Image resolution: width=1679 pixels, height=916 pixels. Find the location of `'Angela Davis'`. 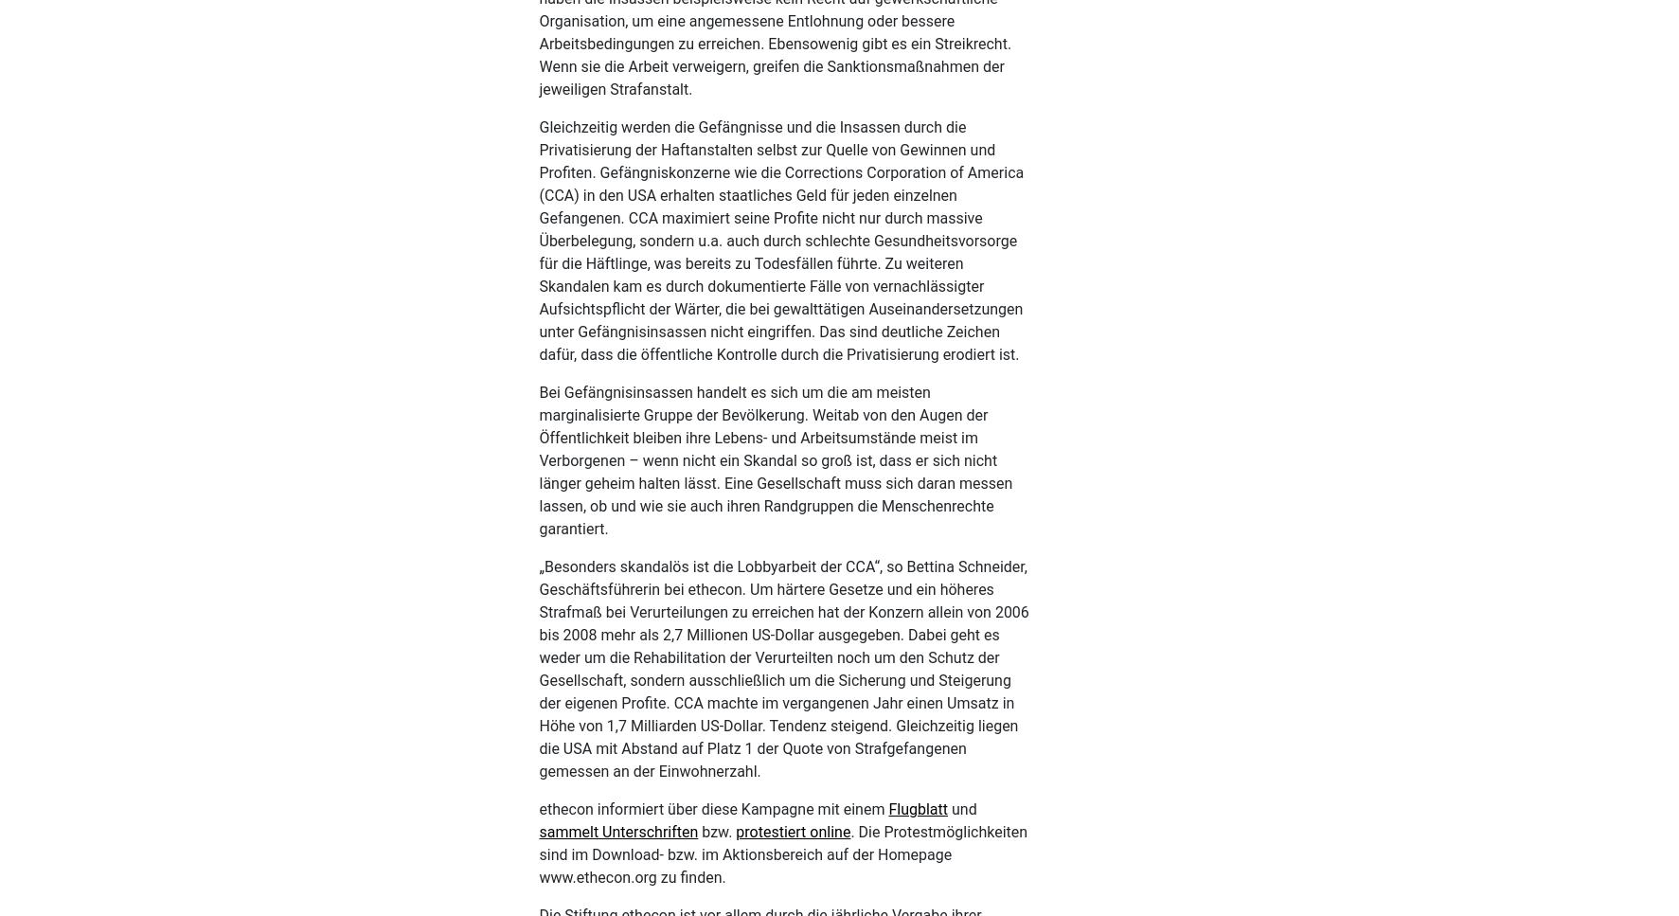

'Angela Davis' is located at coordinates (746, 189).